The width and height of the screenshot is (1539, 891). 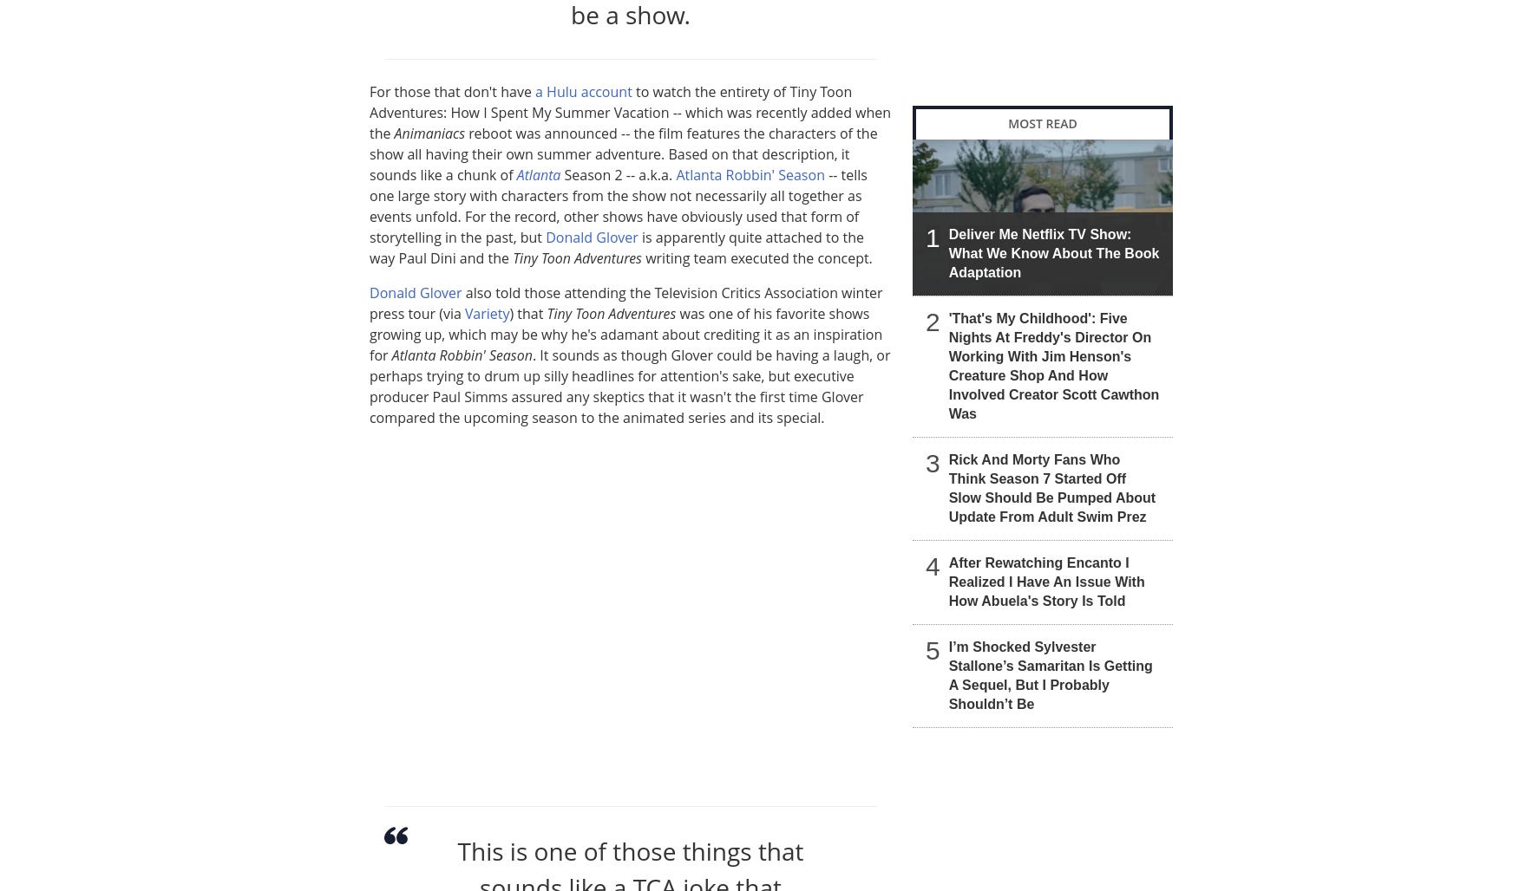 What do you see at coordinates (625, 332) in the screenshot?
I see `'was one of his favorite shows growing up, which may be why he's adamant about crediting it as an inspiration for'` at bounding box center [625, 332].